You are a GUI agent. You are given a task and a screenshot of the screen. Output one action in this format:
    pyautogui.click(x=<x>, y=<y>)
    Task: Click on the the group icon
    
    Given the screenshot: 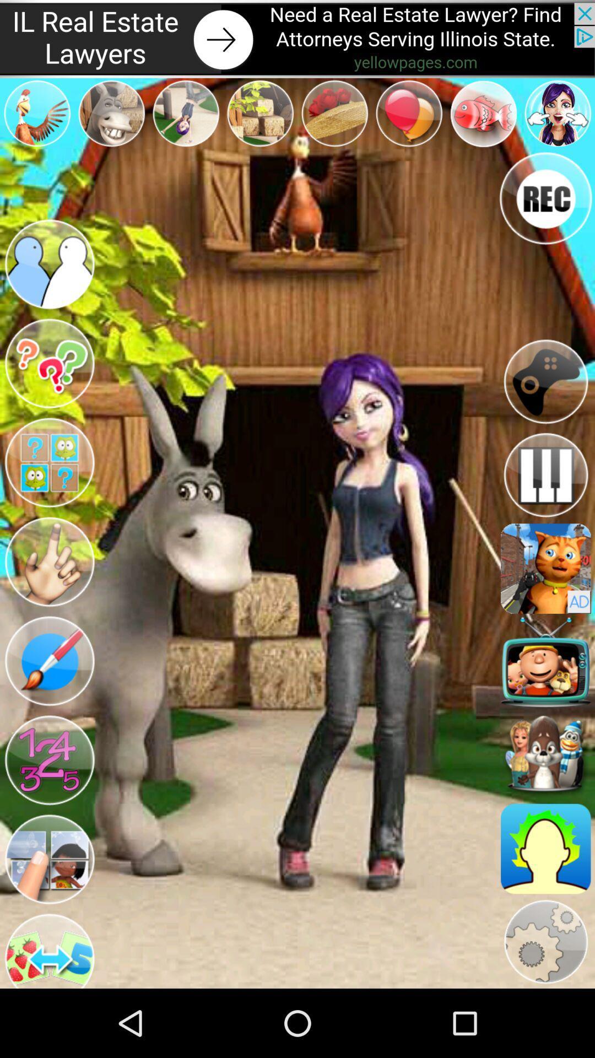 What is the action you would take?
    pyautogui.click(x=48, y=283)
    